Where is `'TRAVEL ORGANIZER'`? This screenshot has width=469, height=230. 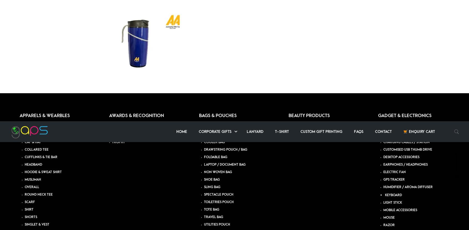 'TRAVEL ORGANIZER' is located at coordinates (399, 11).